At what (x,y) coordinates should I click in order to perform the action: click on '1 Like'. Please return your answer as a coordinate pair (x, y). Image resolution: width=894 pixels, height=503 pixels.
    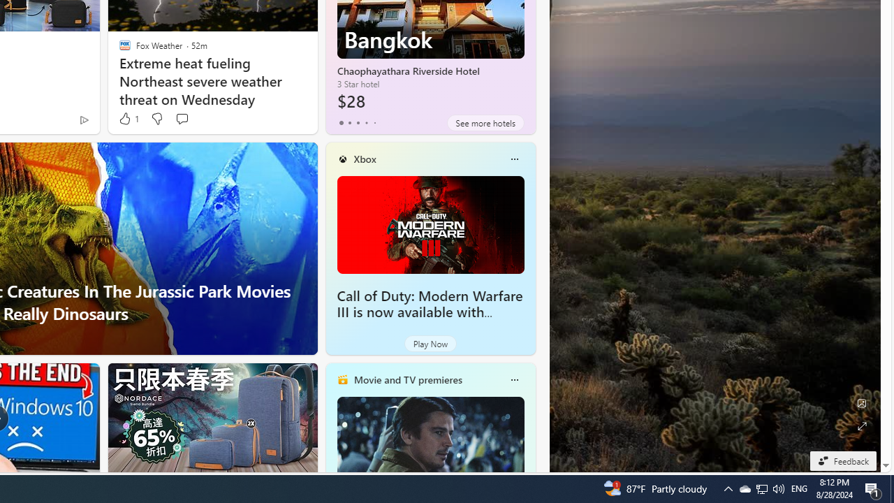
    Looking at the image, I should click on (128, 118).